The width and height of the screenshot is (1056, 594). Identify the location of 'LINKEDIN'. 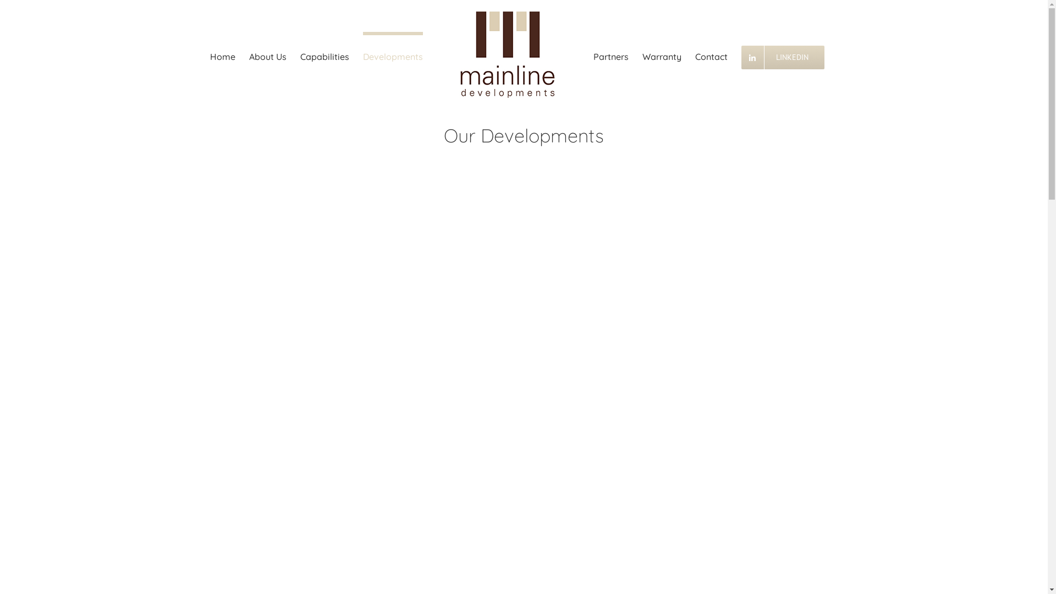
(741, 55).